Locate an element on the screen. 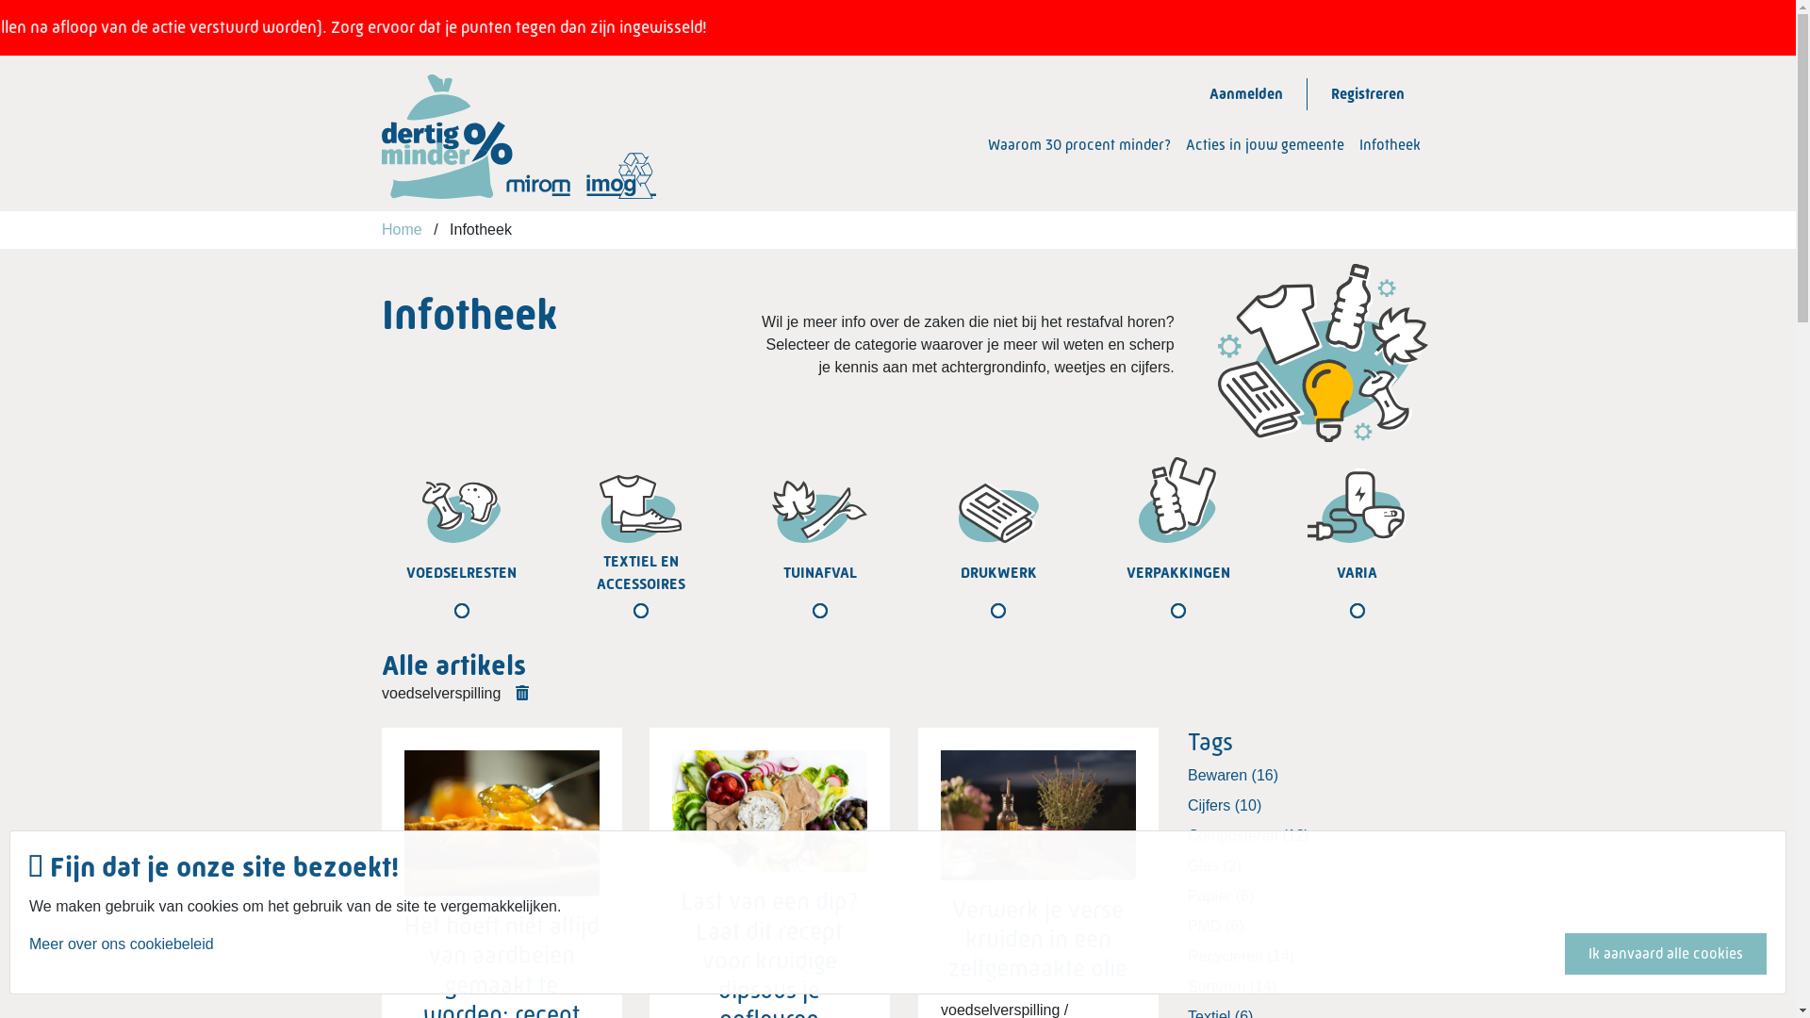 This screenshot has width=1810, height=1018. 'Cijfers (10)' is located at coordinates (1186, 806).